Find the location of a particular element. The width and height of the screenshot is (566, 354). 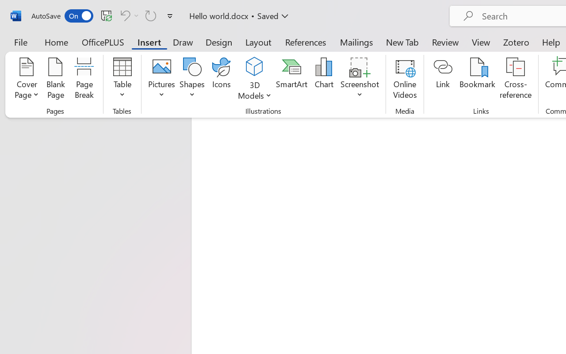

'Zotero' is located at coordinates (516, 42).